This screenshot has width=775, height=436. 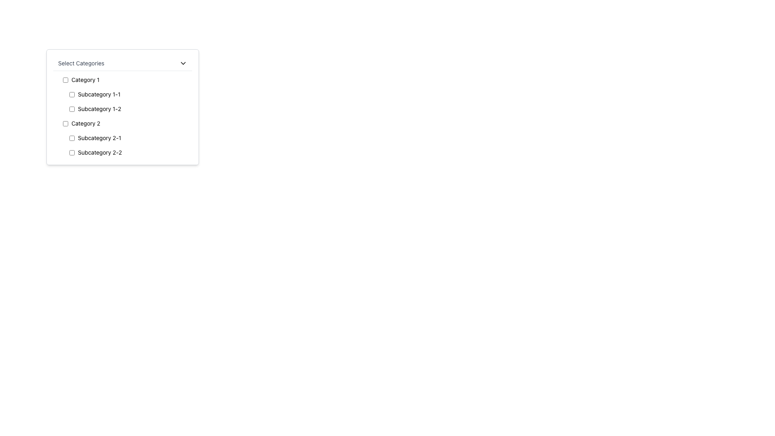 What do you see at coordinates (122, 116) in the screenshot?
I see `the checkbox list element` at bounding box center [122, 116].